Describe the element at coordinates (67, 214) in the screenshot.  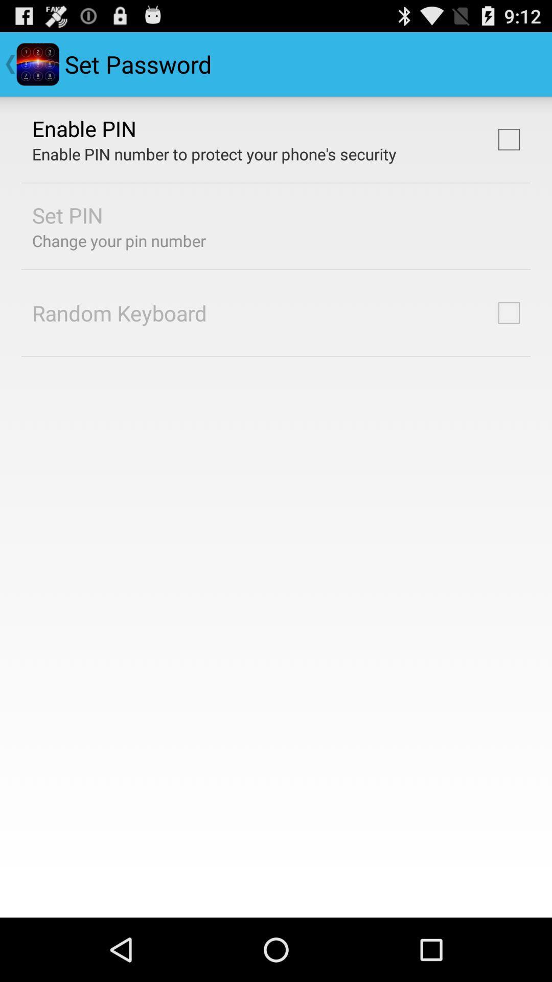
I see `the set pin item` at that location.